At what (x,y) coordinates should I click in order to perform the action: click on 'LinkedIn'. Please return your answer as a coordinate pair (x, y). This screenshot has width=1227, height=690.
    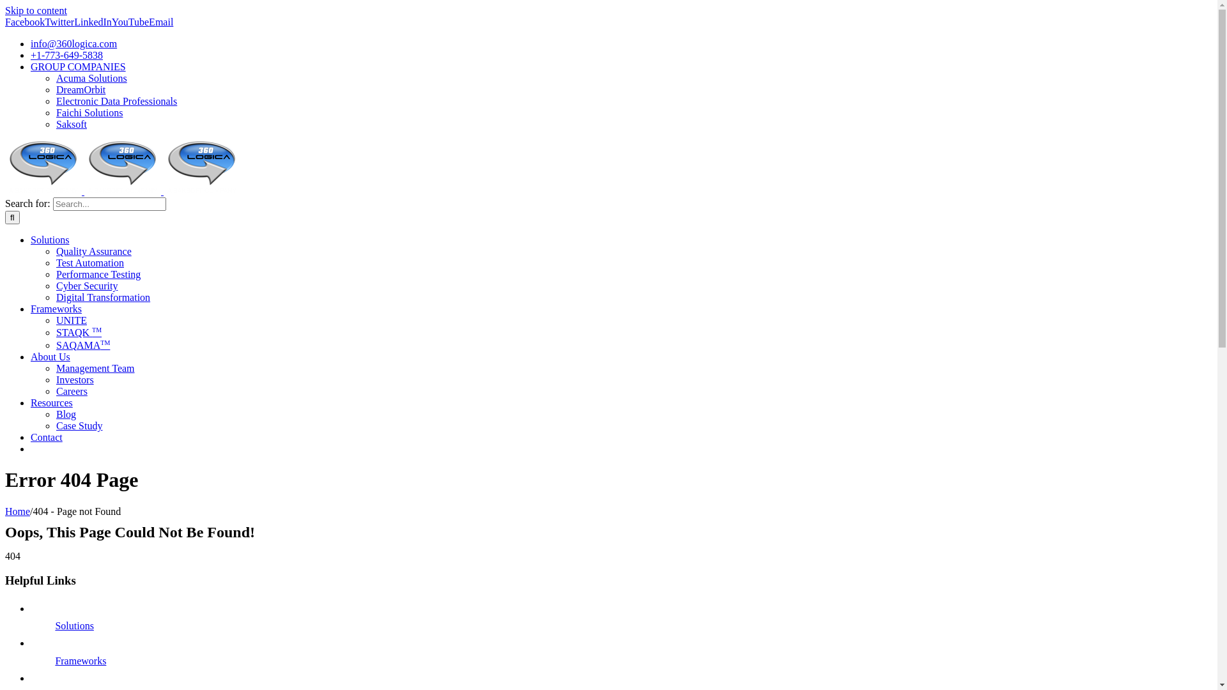
    Looking at the image, I should click on (92, 22).